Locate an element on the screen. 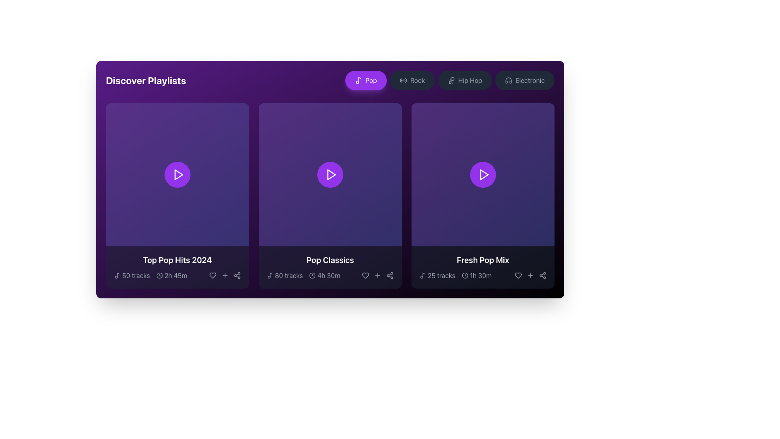 The image size is (780, 439). the purple play icon graphic, which is a rightward-pointing triangle located at the center of the first card in the 'Discover Playlists' section, to trigger potential animation or tooltip is located at coordinates (178, 174).